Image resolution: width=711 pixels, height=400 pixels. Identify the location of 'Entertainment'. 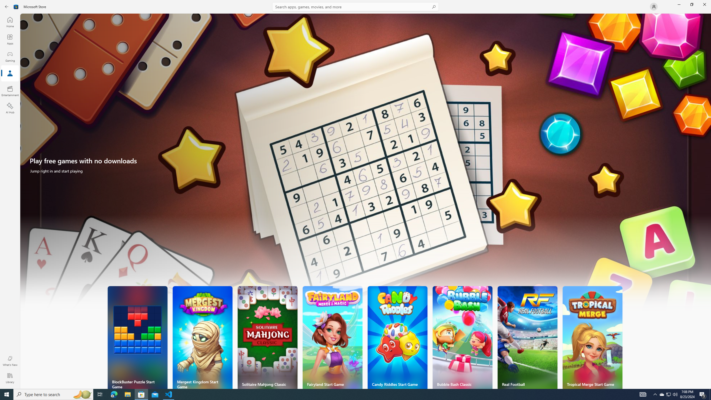
(9, 91).